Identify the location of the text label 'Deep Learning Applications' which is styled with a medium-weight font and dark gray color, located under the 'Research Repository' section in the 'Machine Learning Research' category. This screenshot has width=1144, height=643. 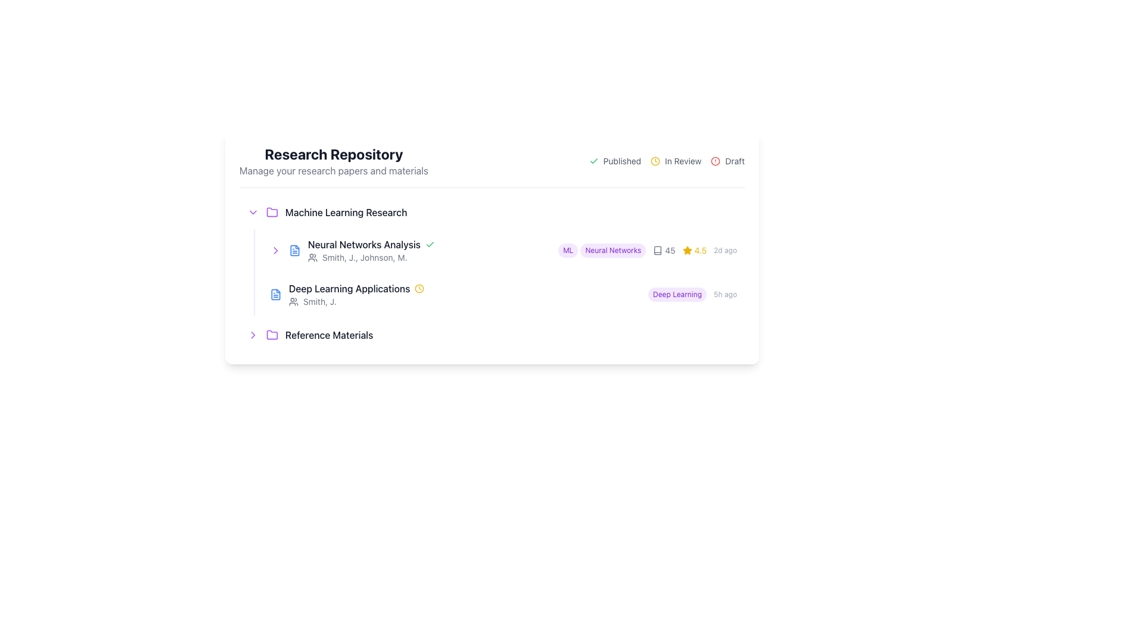
(349, 289).